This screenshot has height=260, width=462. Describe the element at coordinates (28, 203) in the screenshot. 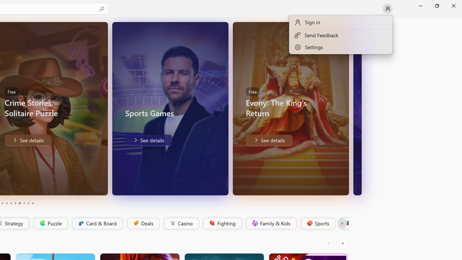

I see `'Page 9'` at that location.